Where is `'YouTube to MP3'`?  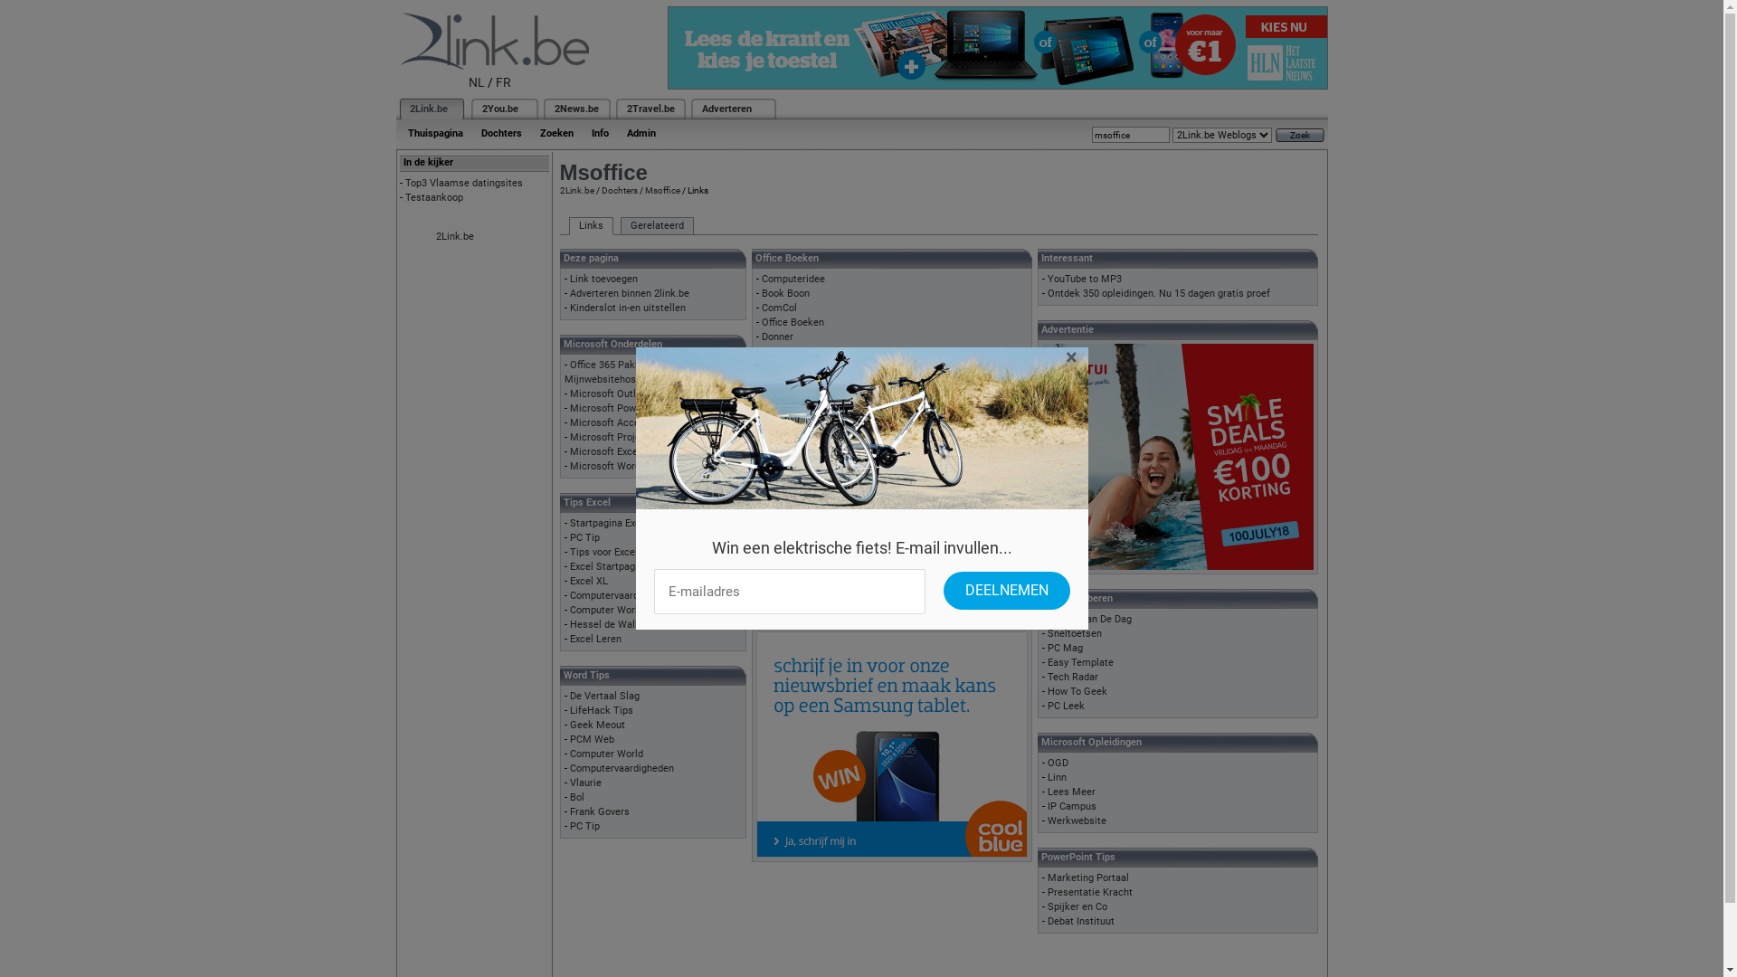
'YouTube to MP3' is located at coordinates (1085, 279).